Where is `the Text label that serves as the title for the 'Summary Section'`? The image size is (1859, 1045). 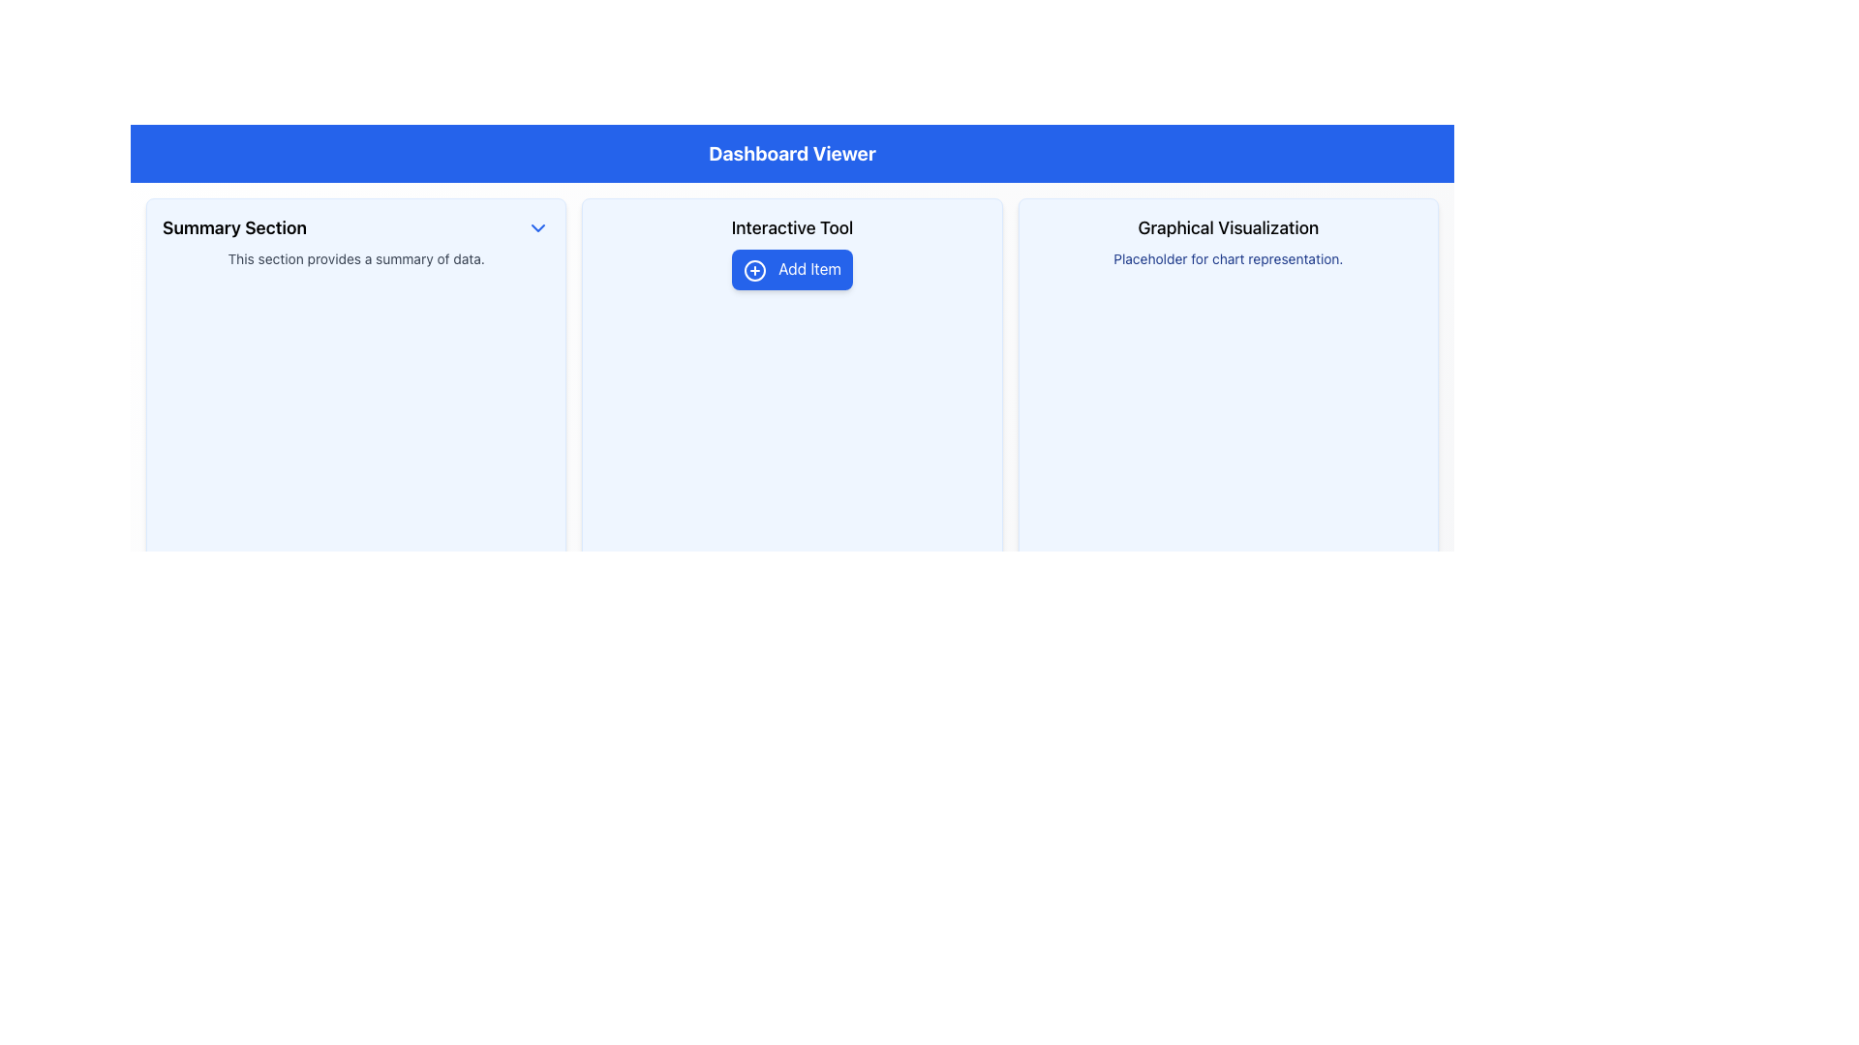
the Text label that serves as the title for the 'Summary Section' is located at coordinates (233, 226).